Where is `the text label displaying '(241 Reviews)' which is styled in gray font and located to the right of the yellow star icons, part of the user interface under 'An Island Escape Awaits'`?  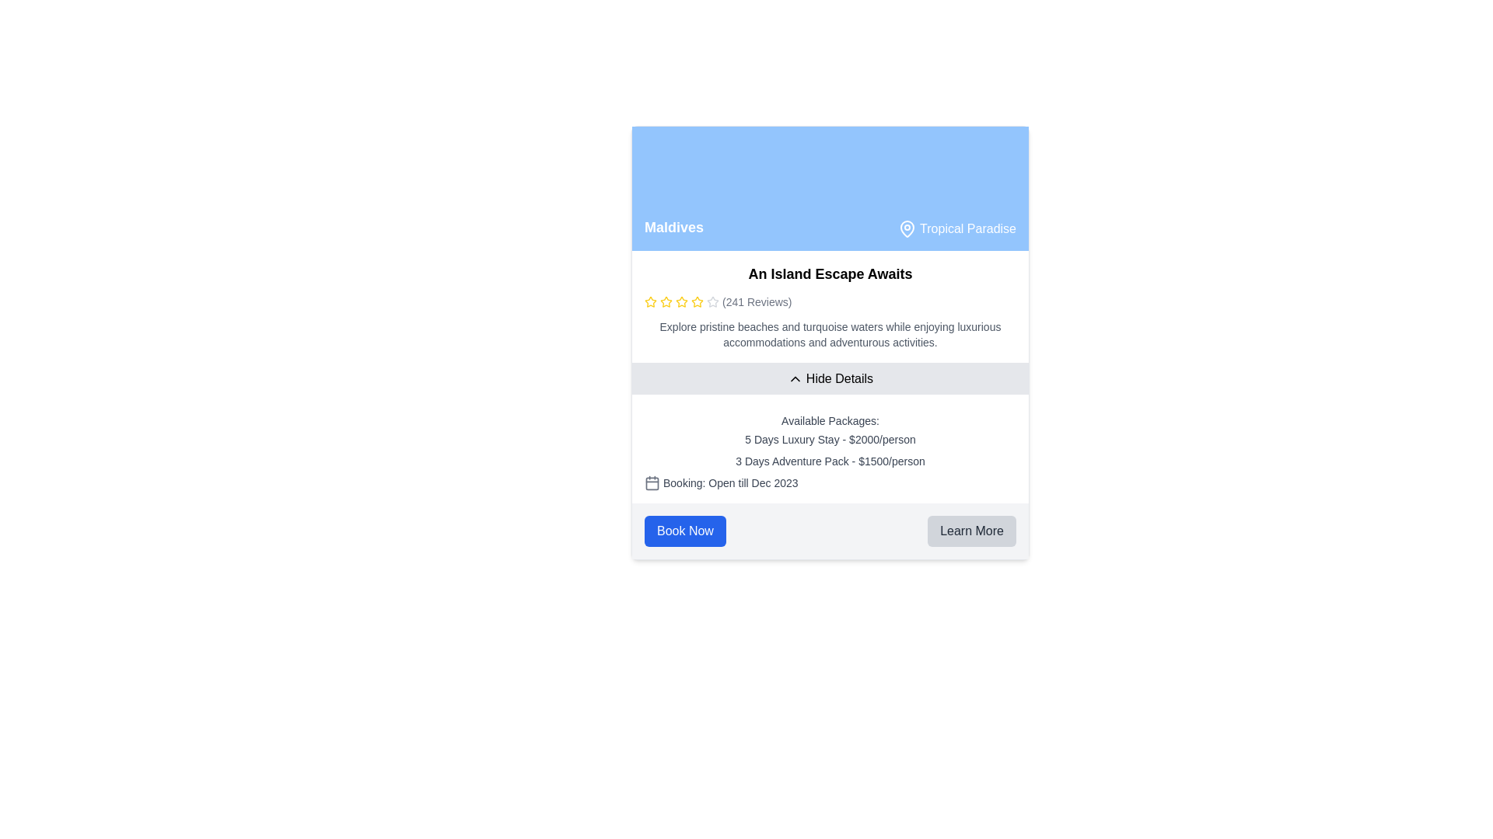
the text label displaying '(241 Reviews)' which is styled in gray font and located to the right of the yellow star icons, part of the user interface under 'An Island Escape Awaits' is located at coordinates (757, 302).